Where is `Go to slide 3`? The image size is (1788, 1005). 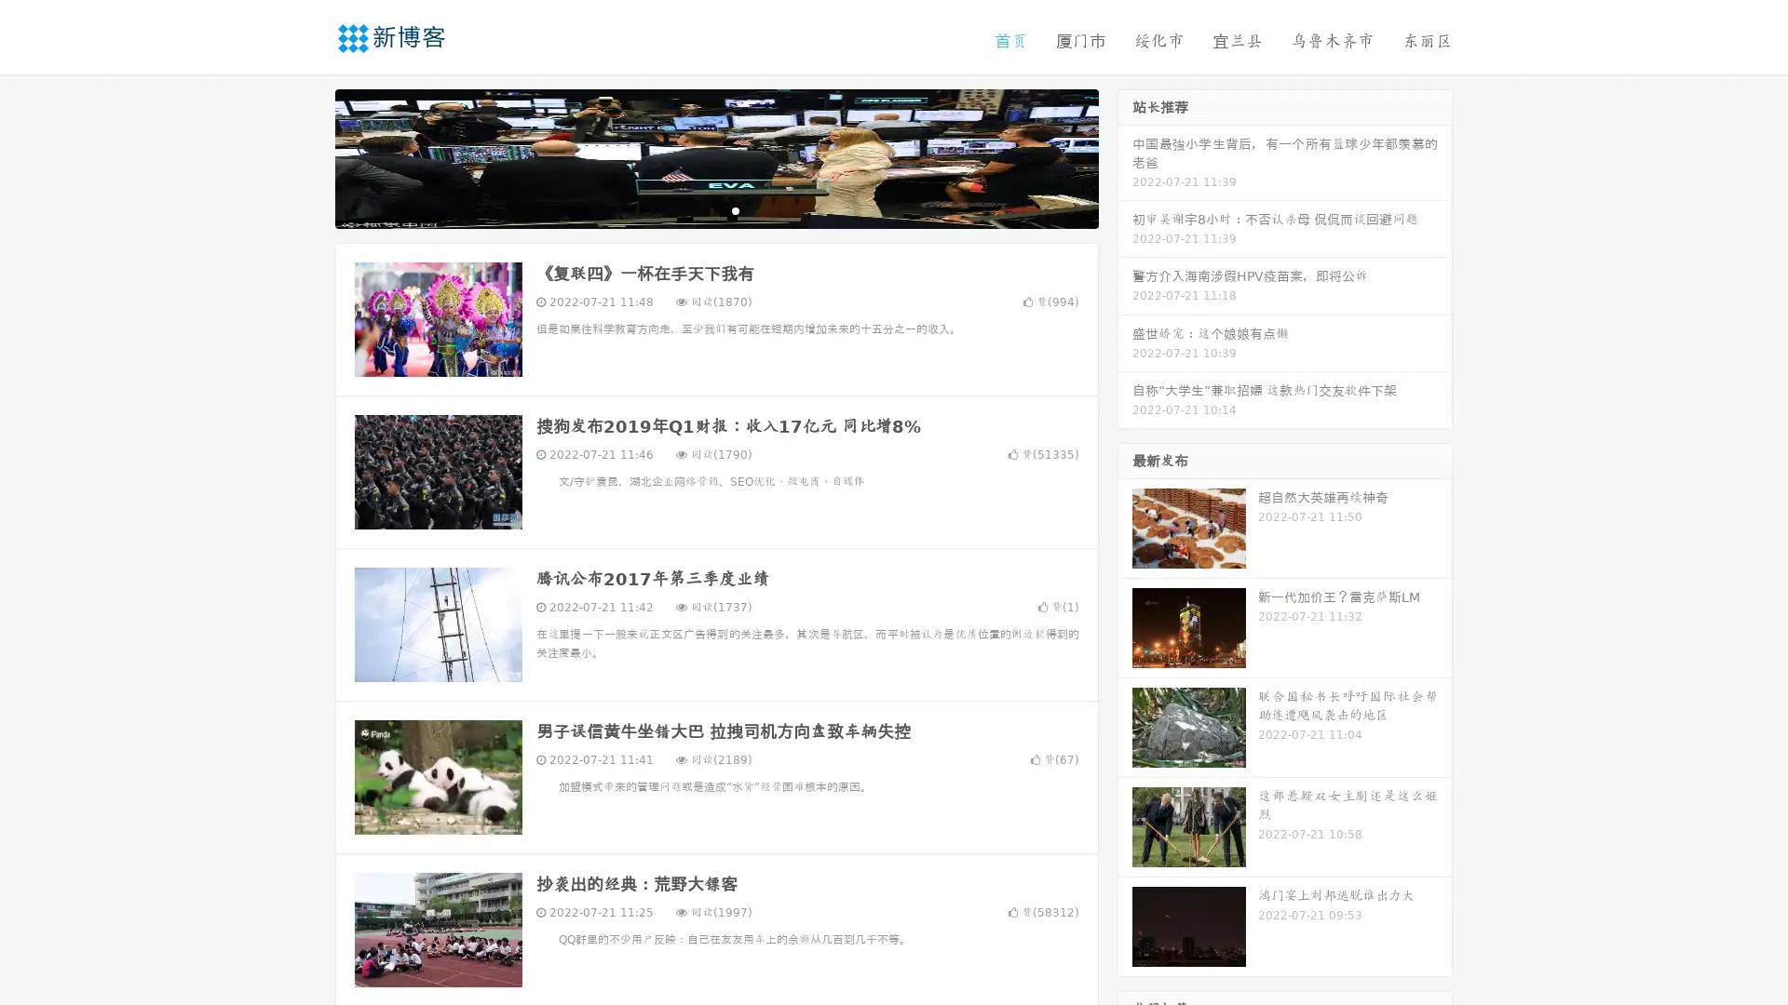
Go to slide 3 is located at coordinates (735, 209).